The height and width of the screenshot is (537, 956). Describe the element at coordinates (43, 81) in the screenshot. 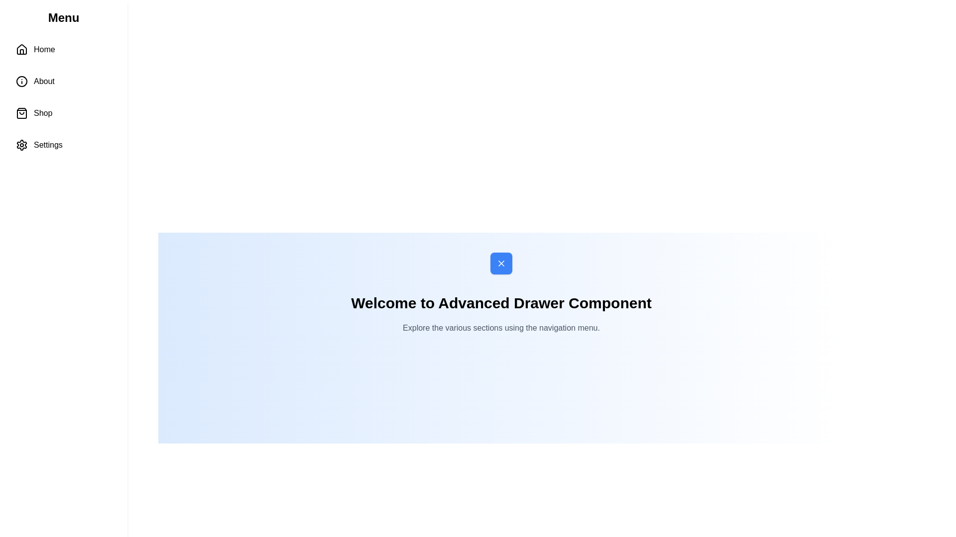

I see `the 'About' text label in the second menu item of the vertical navigation menu` at that location.